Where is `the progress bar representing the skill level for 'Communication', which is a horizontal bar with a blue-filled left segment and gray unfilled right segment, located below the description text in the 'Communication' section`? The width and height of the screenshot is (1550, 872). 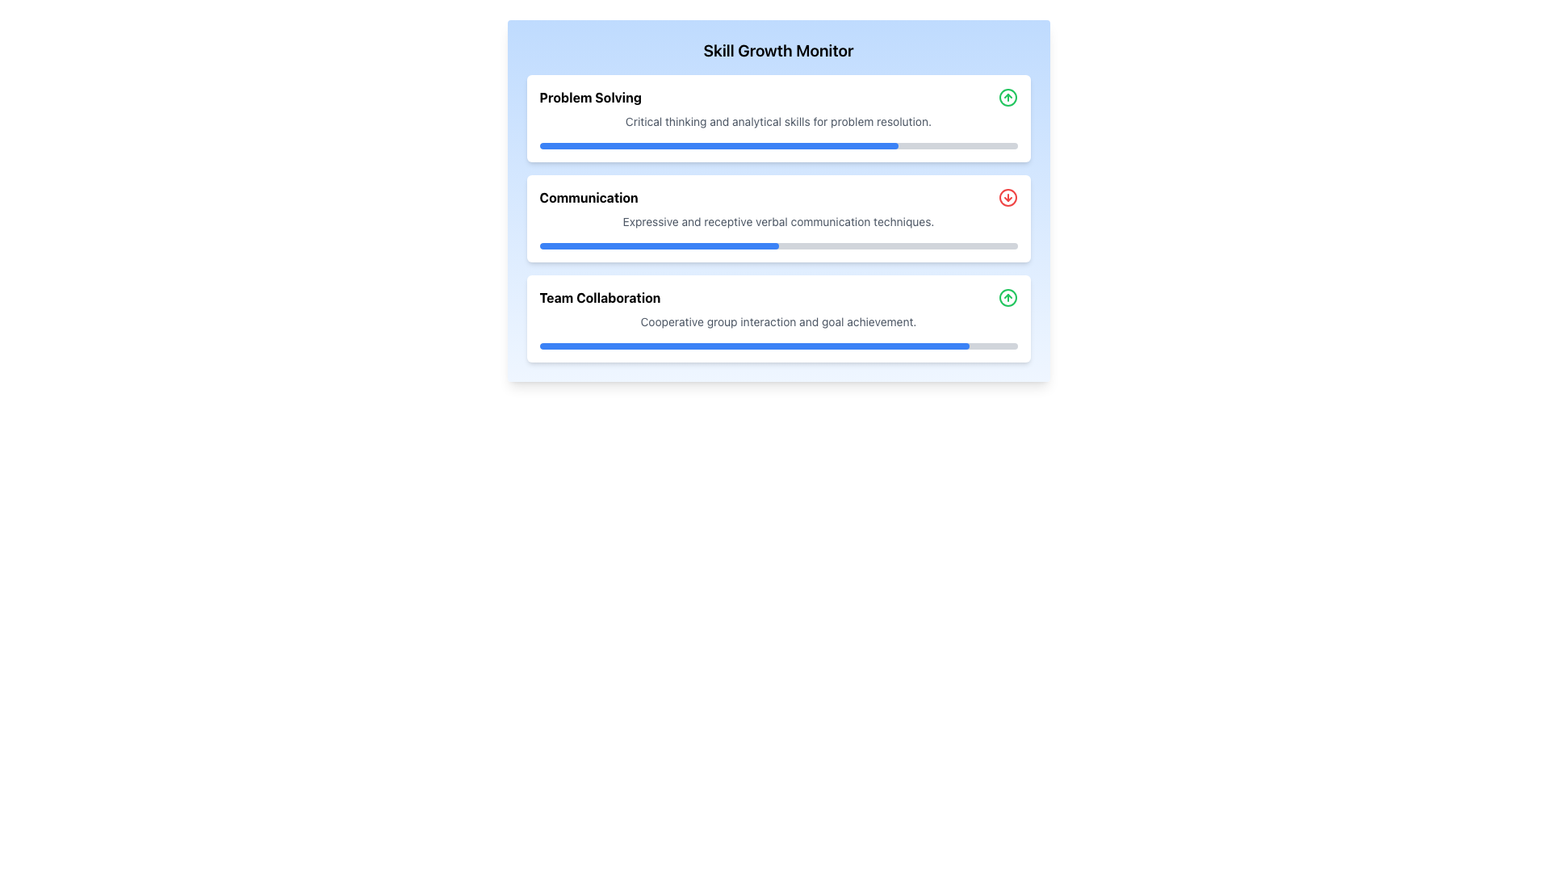
the progress bar representing the skill level for 'Communication', which is a horizontal bar with a blue-filled left segment and gray unfilled right segment, located below the description text in the 'Communication' section is located at coordinates (778, 245).